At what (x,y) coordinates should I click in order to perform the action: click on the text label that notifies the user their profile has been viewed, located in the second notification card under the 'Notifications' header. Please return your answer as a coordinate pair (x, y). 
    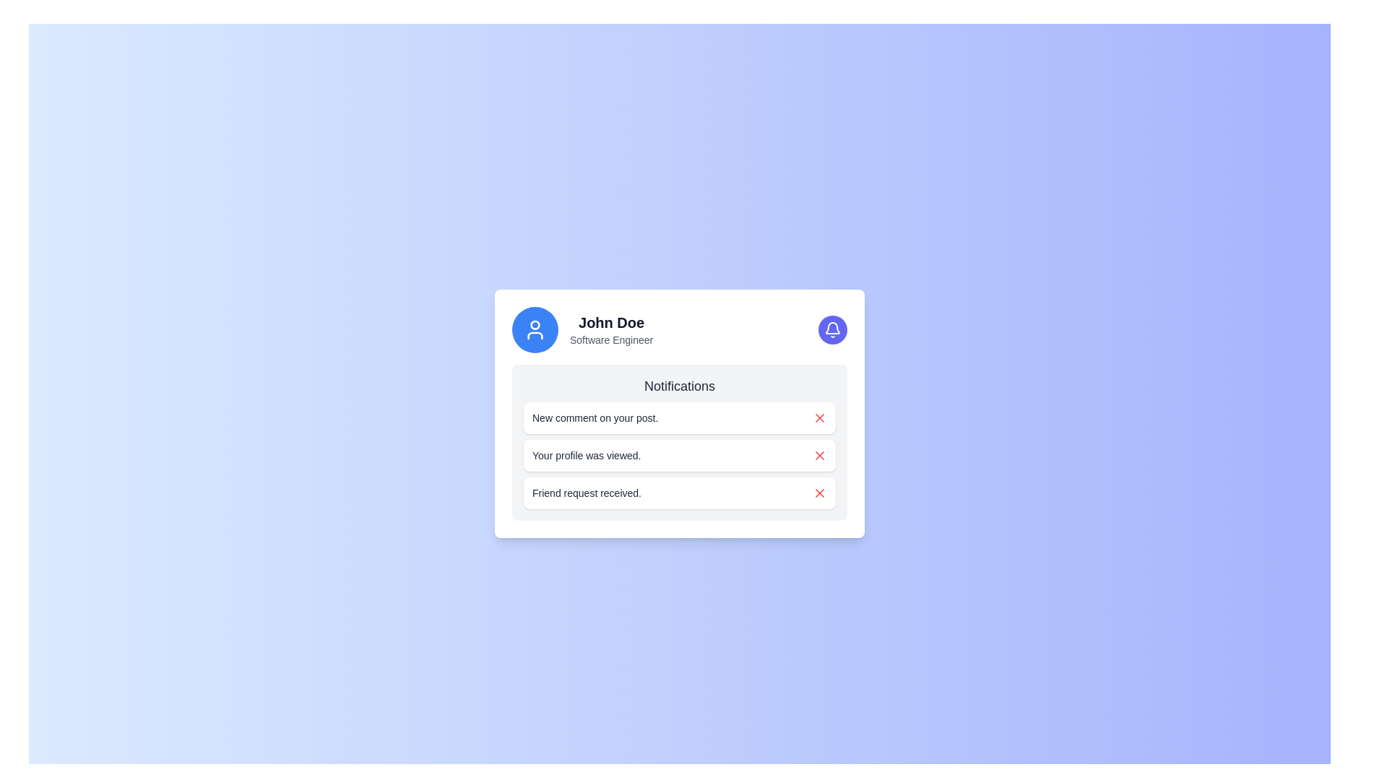
    Looking at the image, I should click on (587, 456).